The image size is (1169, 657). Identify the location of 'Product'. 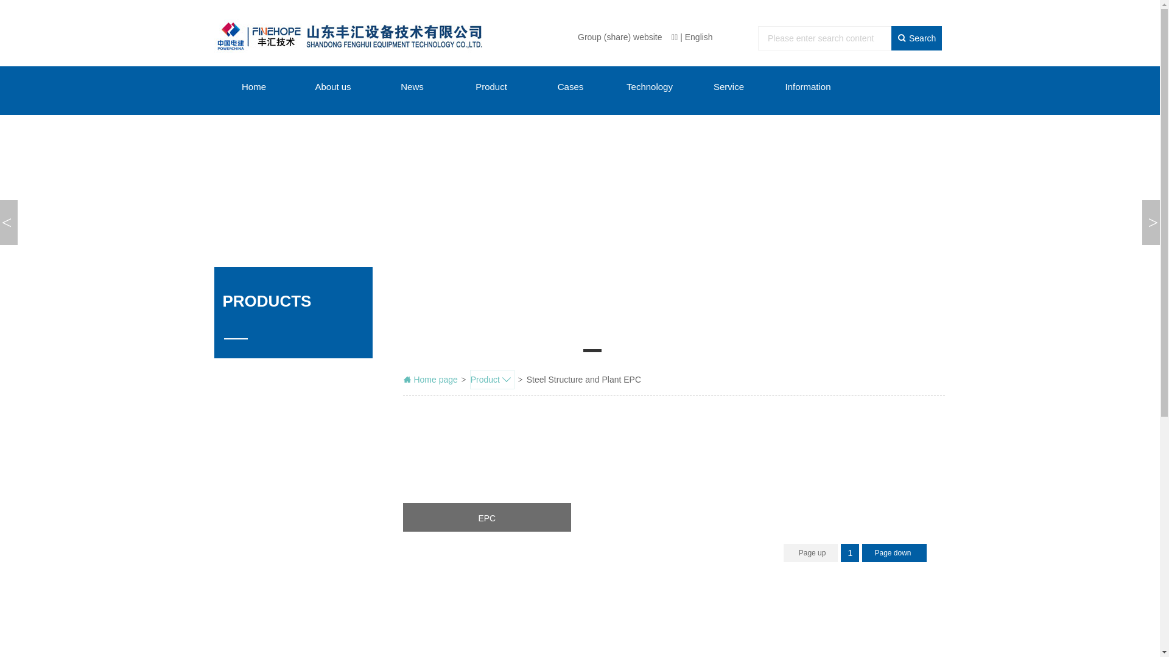
(492, 379).